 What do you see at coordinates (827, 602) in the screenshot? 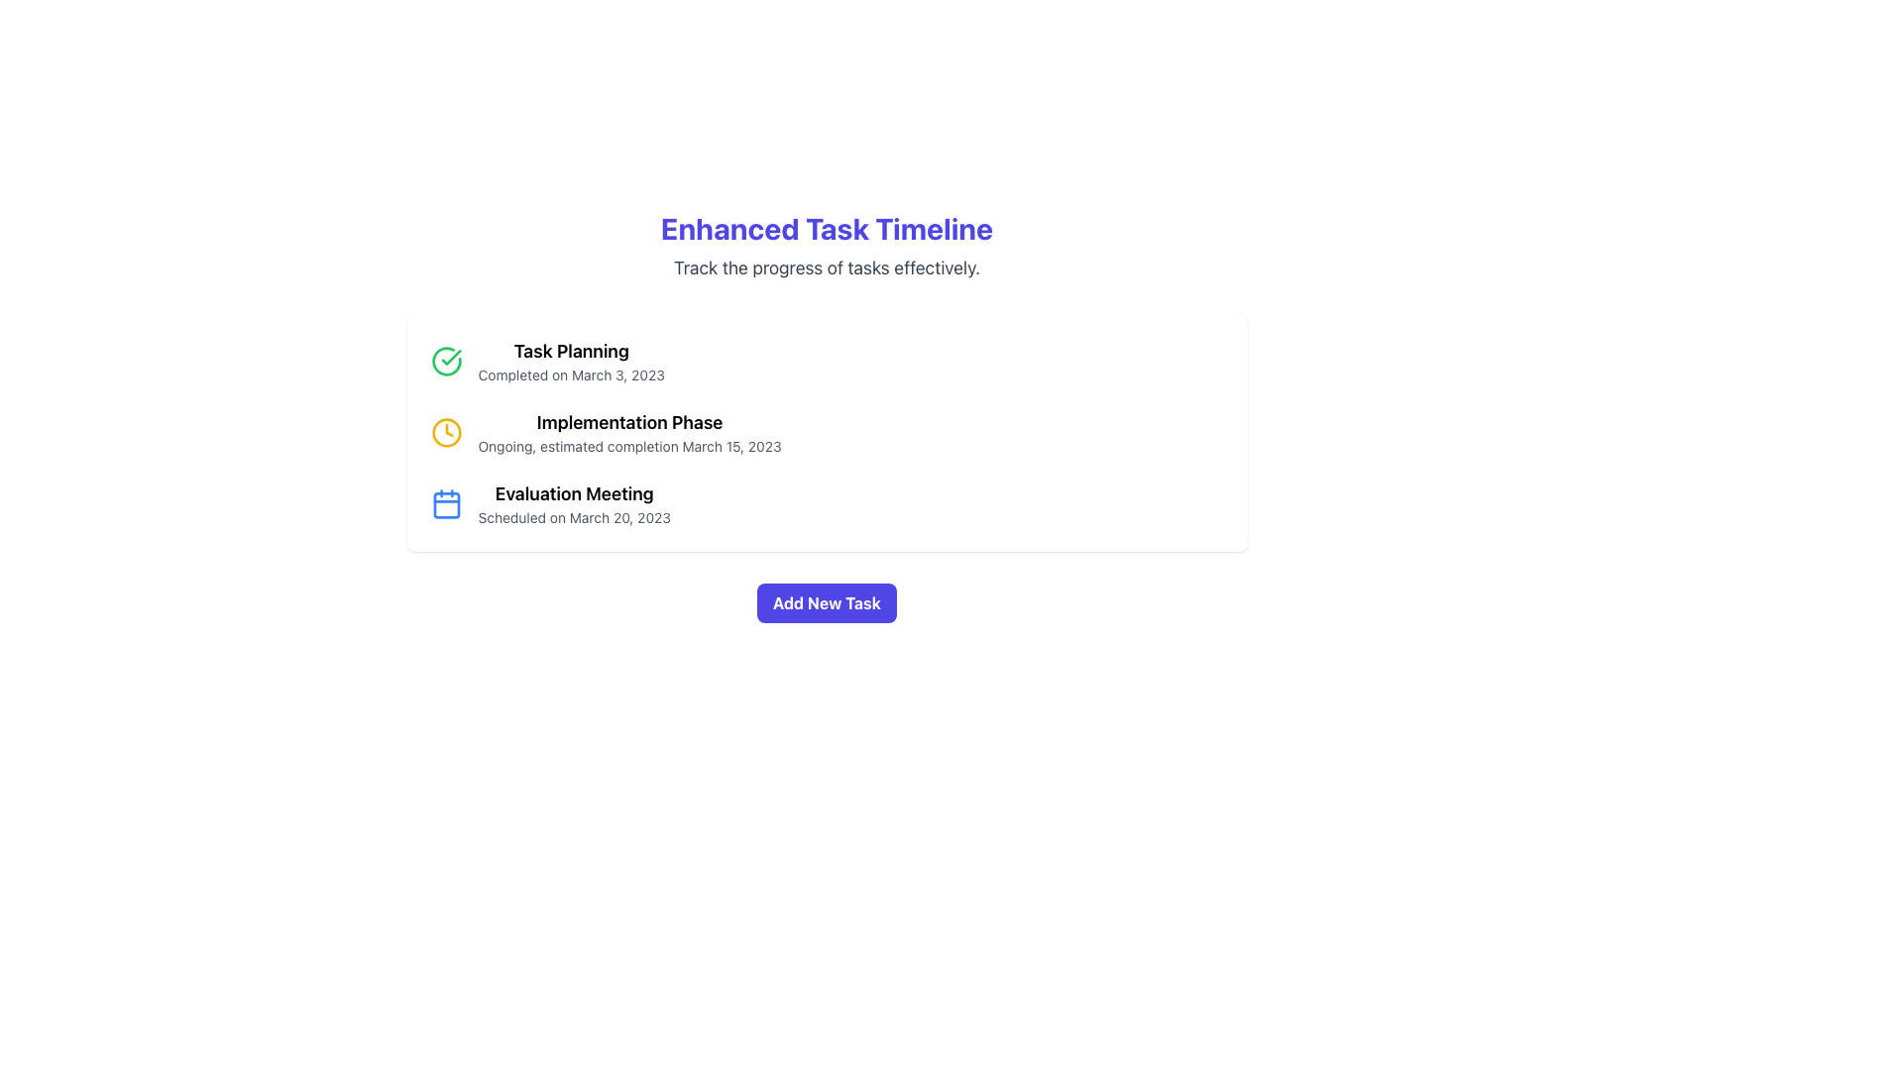
I see `and interact with the 'Add New Task' button` at bounding box center [827, 602].